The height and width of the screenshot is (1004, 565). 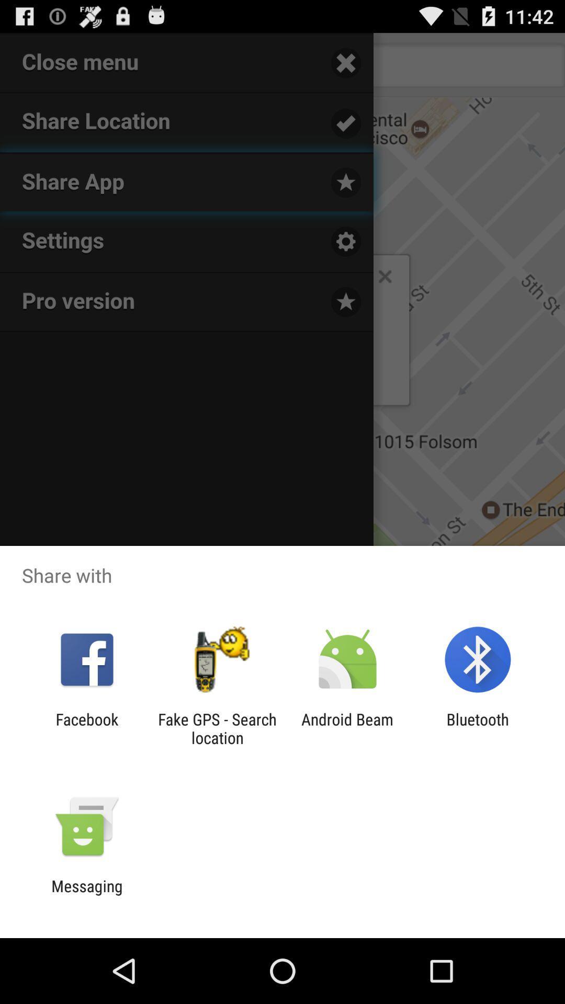 What do you see at coordinates (347, 728) in the screenshot?
I see `the android beam item` at bounding box center [347, 728].